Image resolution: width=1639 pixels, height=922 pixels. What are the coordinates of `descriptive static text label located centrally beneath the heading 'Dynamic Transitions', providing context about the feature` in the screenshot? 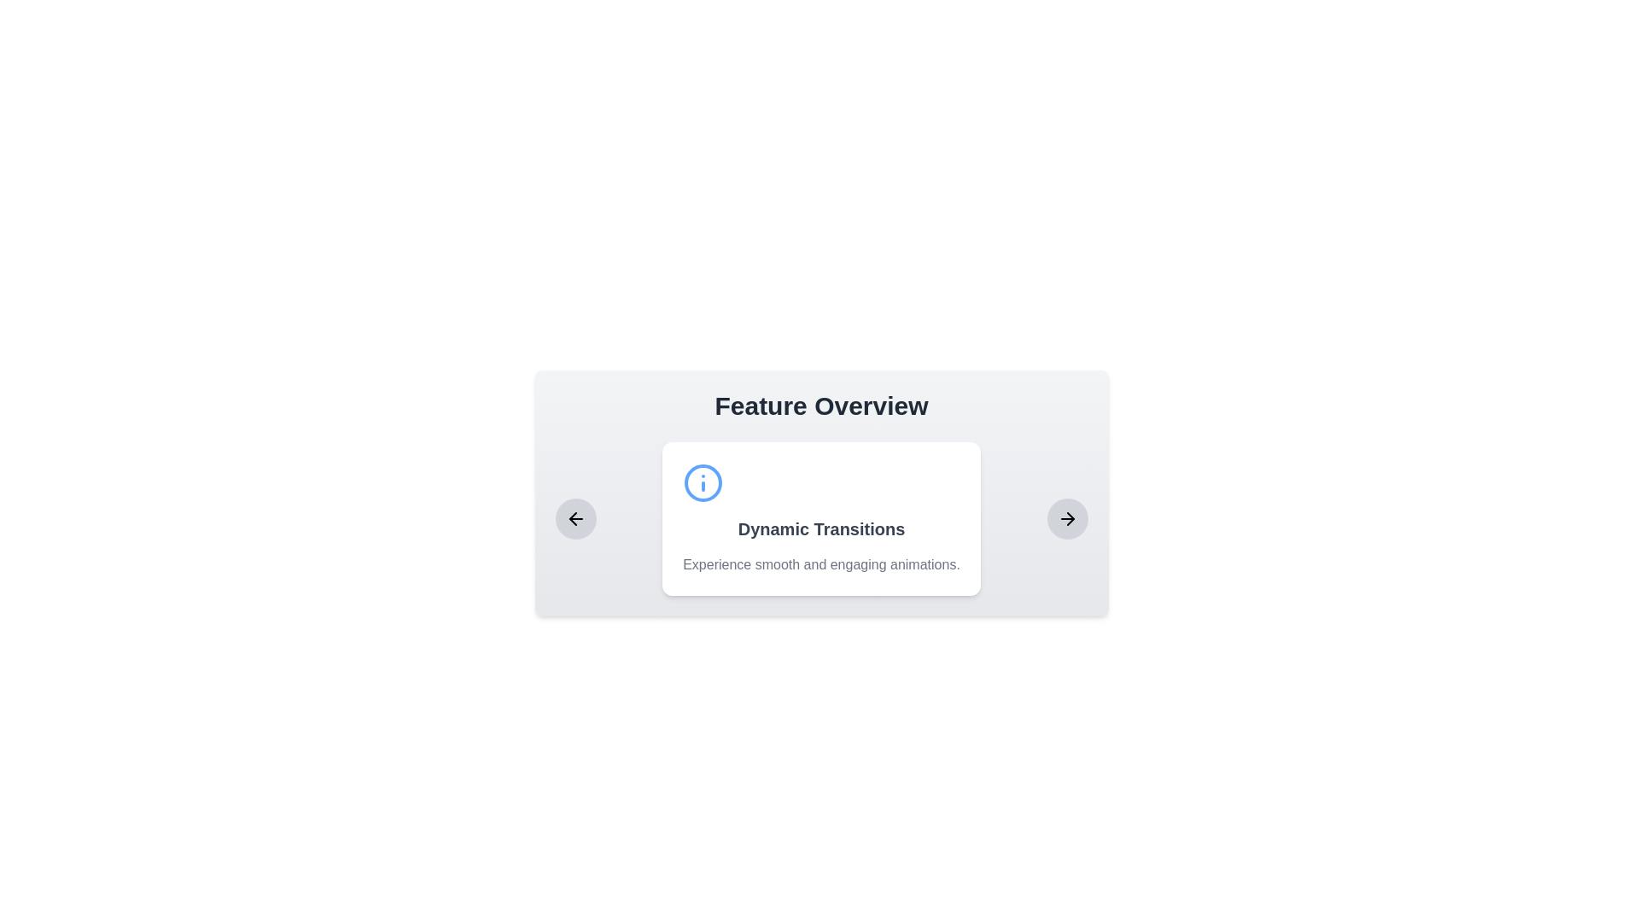 It's located at (821, 565).